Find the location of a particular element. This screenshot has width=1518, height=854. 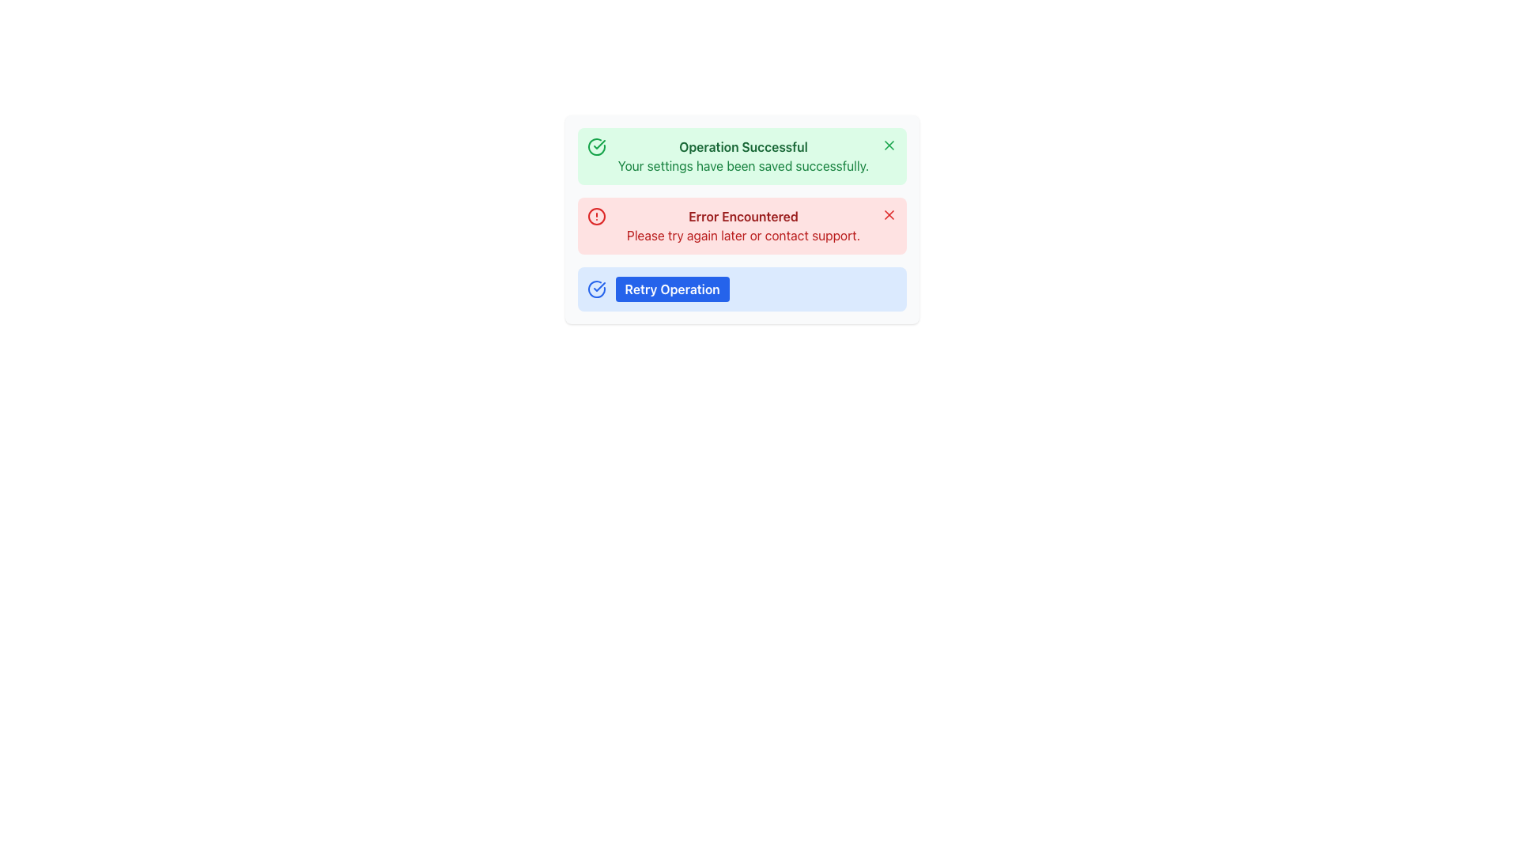

the success icon located at the top-left corner of the green notification box, adjacent to the title 'Operation Successful' is located at coordinates (595, 146).